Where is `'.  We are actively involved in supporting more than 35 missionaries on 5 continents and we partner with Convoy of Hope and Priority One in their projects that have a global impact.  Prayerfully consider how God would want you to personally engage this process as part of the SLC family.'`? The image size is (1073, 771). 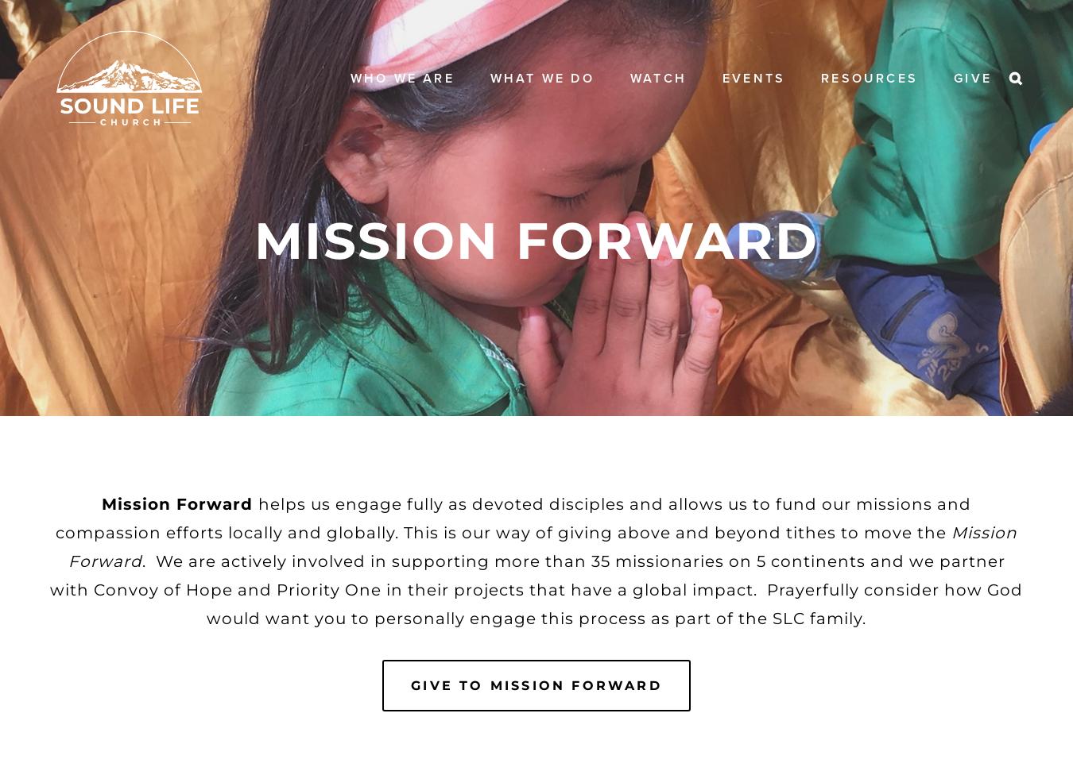
'.  We are actively involved in supporting more than 35 missionaries on 5 continents and we partner with Convoy of Hope and Priority One in their projects that have a global impact.  Prayerfully consider how God would want you to personally engage this process as part of the SLC family.' is located at coordinates (537, 589).